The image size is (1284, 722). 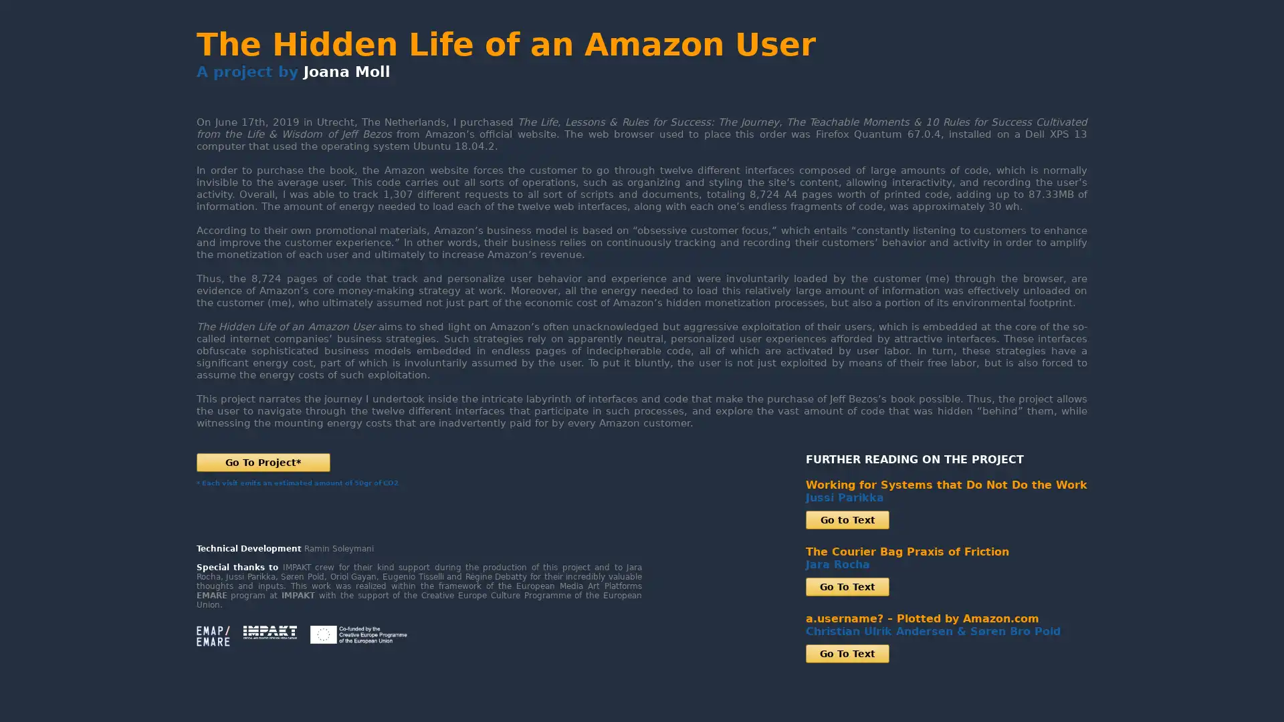 What do you see at coordinates (847, 519) in the screenshot?
I see `Go to Text` at bounding box center [847, 519].